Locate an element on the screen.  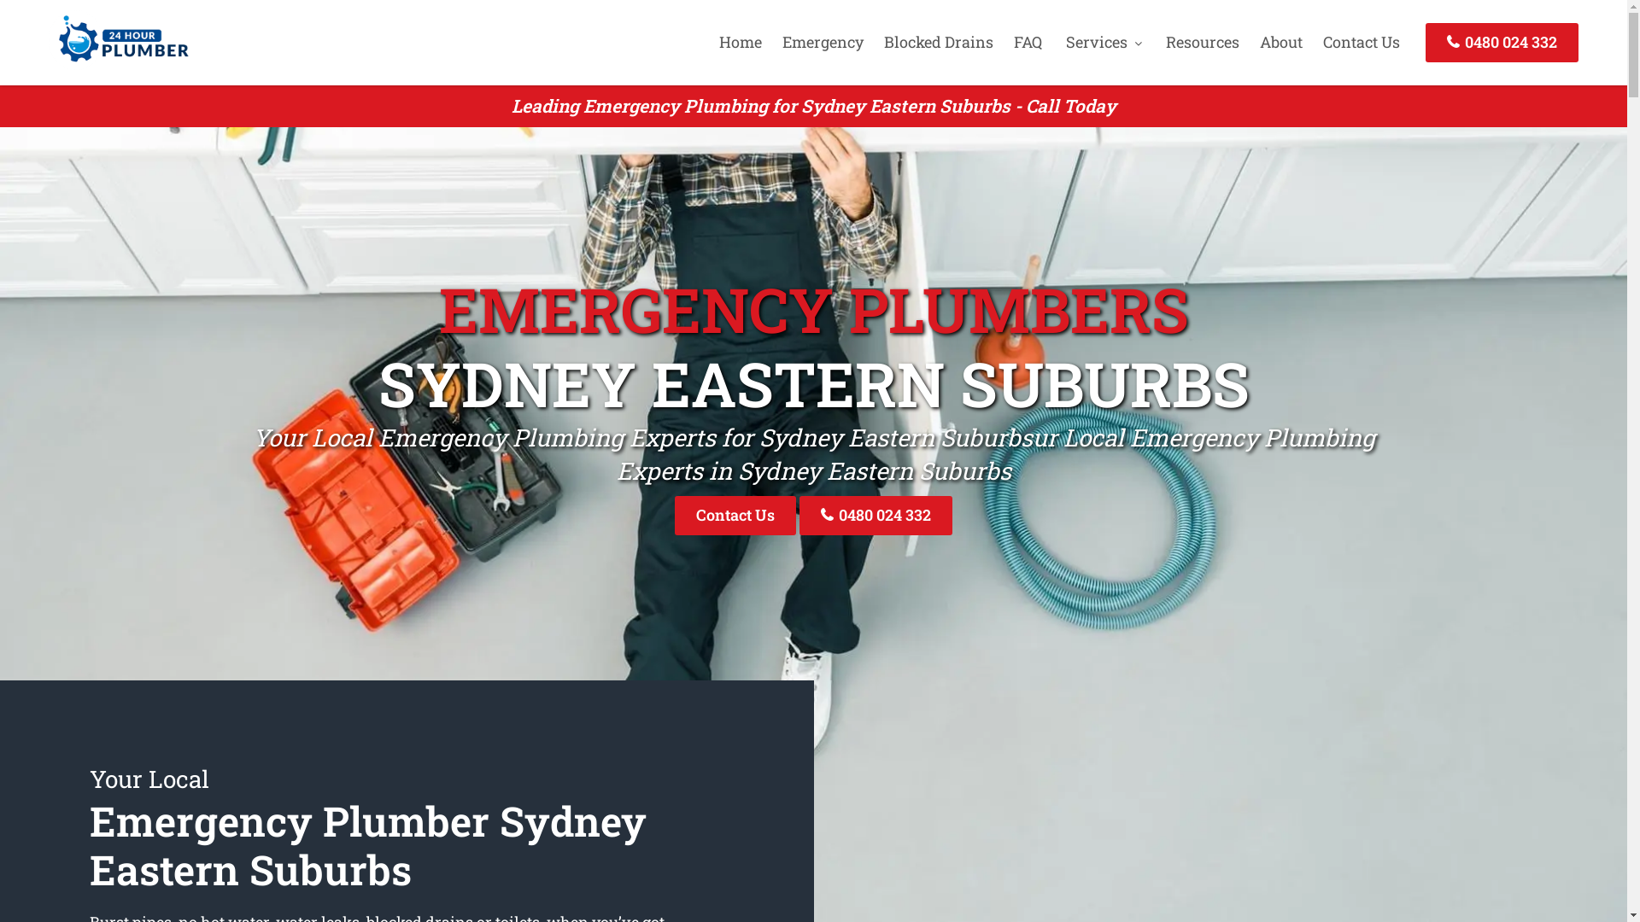
'0480 024 332' is located at coordinates (1426, 41).